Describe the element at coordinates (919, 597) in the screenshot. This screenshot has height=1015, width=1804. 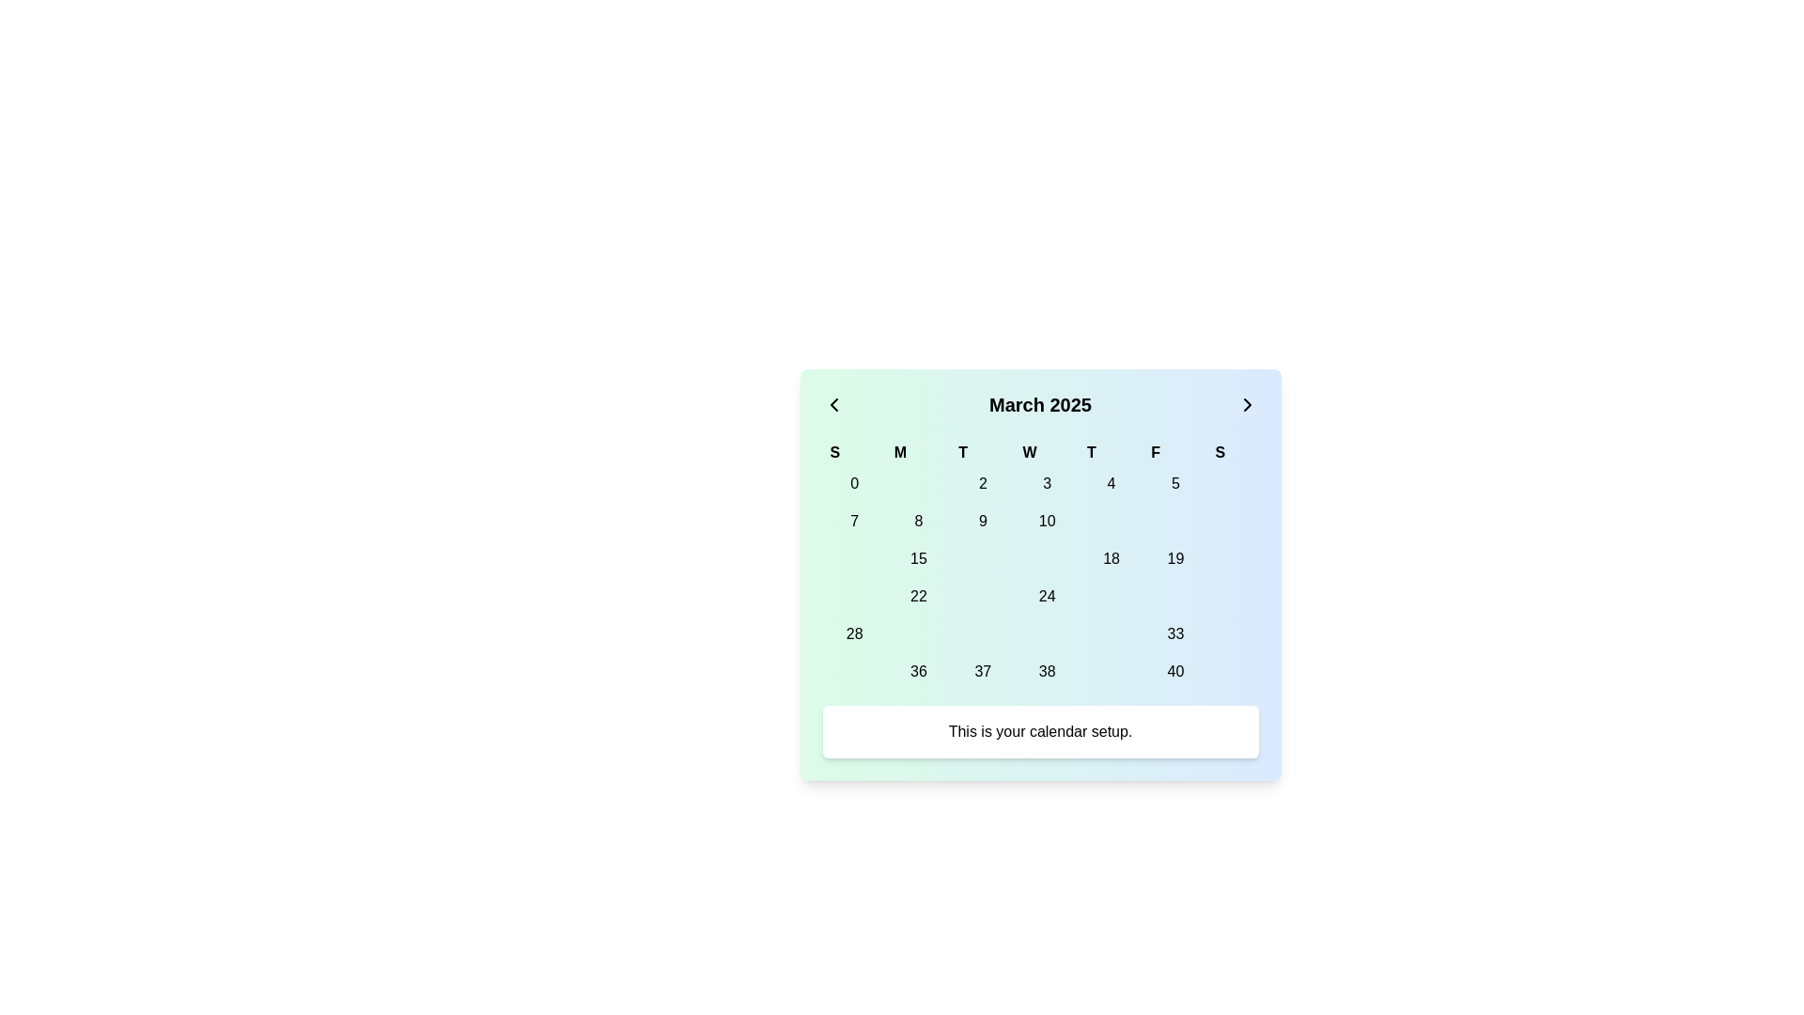
I see `the number '22' in the calendar interface` at that location.